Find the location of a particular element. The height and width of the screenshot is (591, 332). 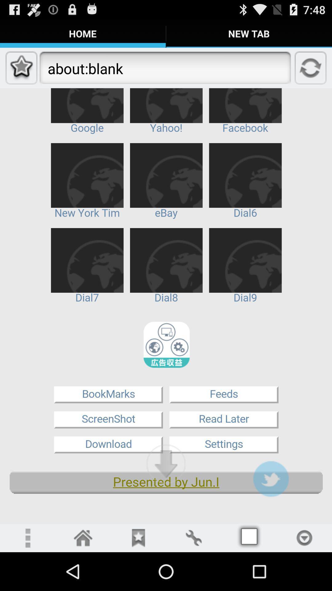

the home icon is located at coordinates (83, 575).